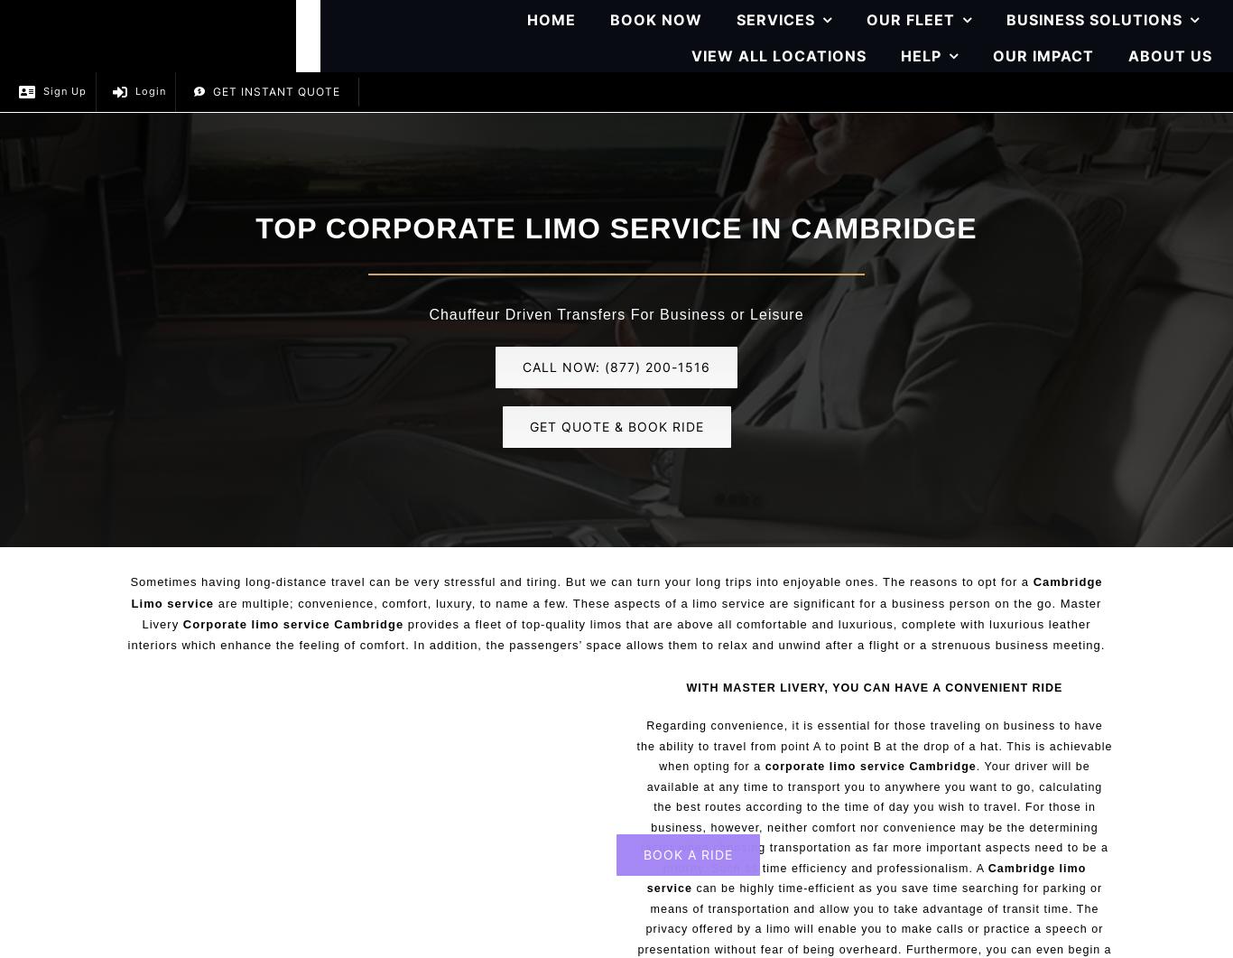 The height and width of the screenshot is (958, 1233). Describe the element at coordinates (736, 19) in the screenshot. I see `'SERVICES'` at that location.